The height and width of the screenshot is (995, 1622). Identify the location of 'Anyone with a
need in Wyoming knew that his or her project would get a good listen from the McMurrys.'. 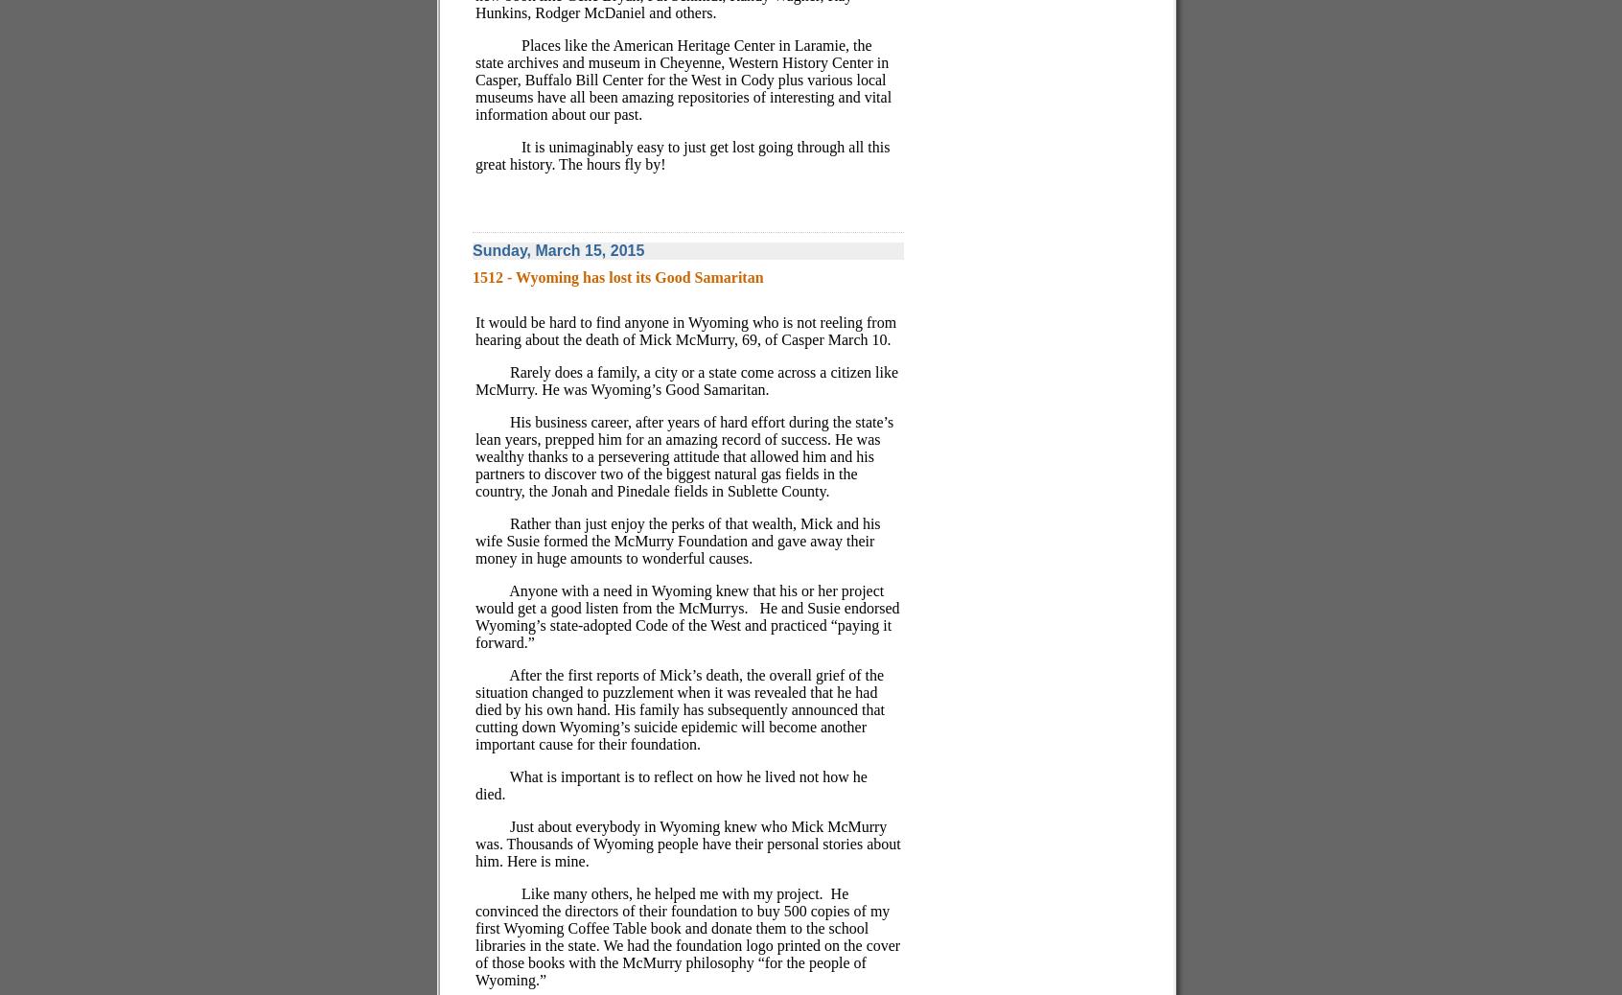
(678, 597).